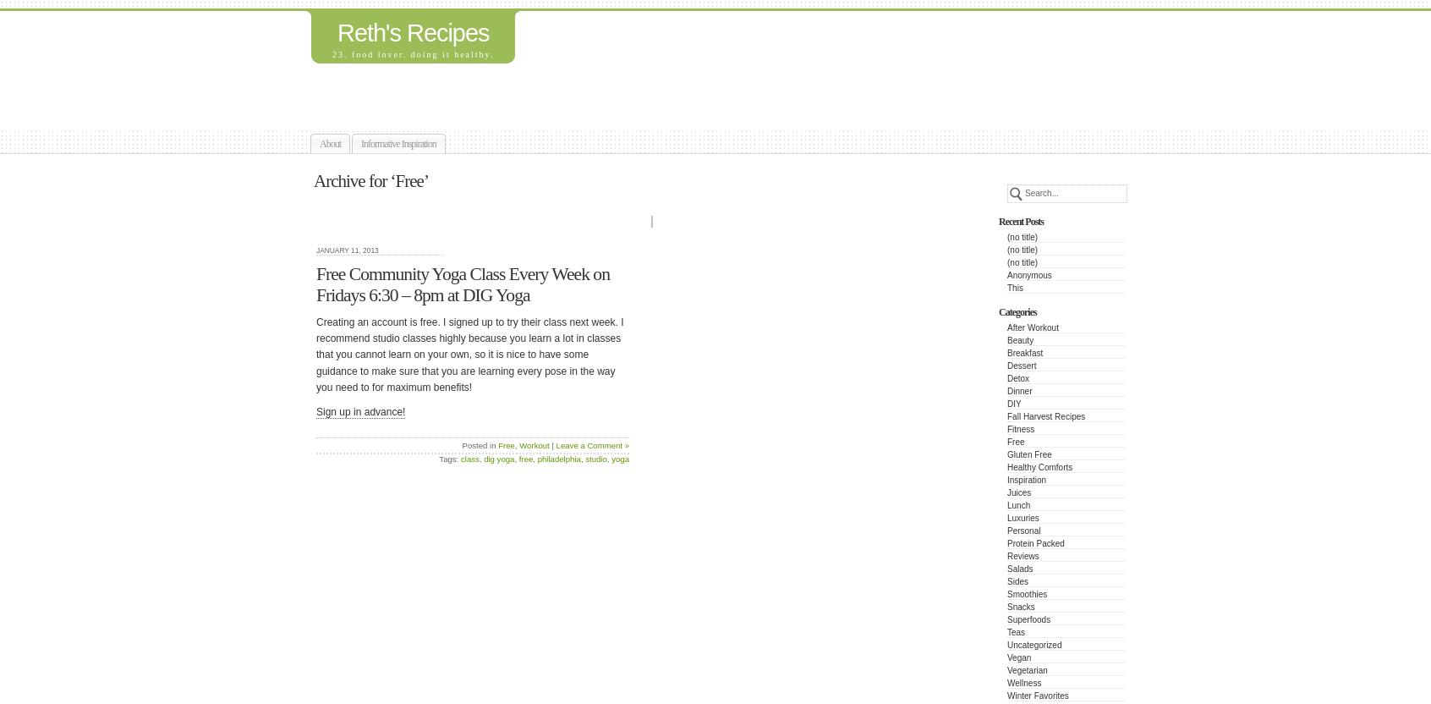 The image size is (1431, 704). I want to click on 'Fitness', so click(1021, 428).